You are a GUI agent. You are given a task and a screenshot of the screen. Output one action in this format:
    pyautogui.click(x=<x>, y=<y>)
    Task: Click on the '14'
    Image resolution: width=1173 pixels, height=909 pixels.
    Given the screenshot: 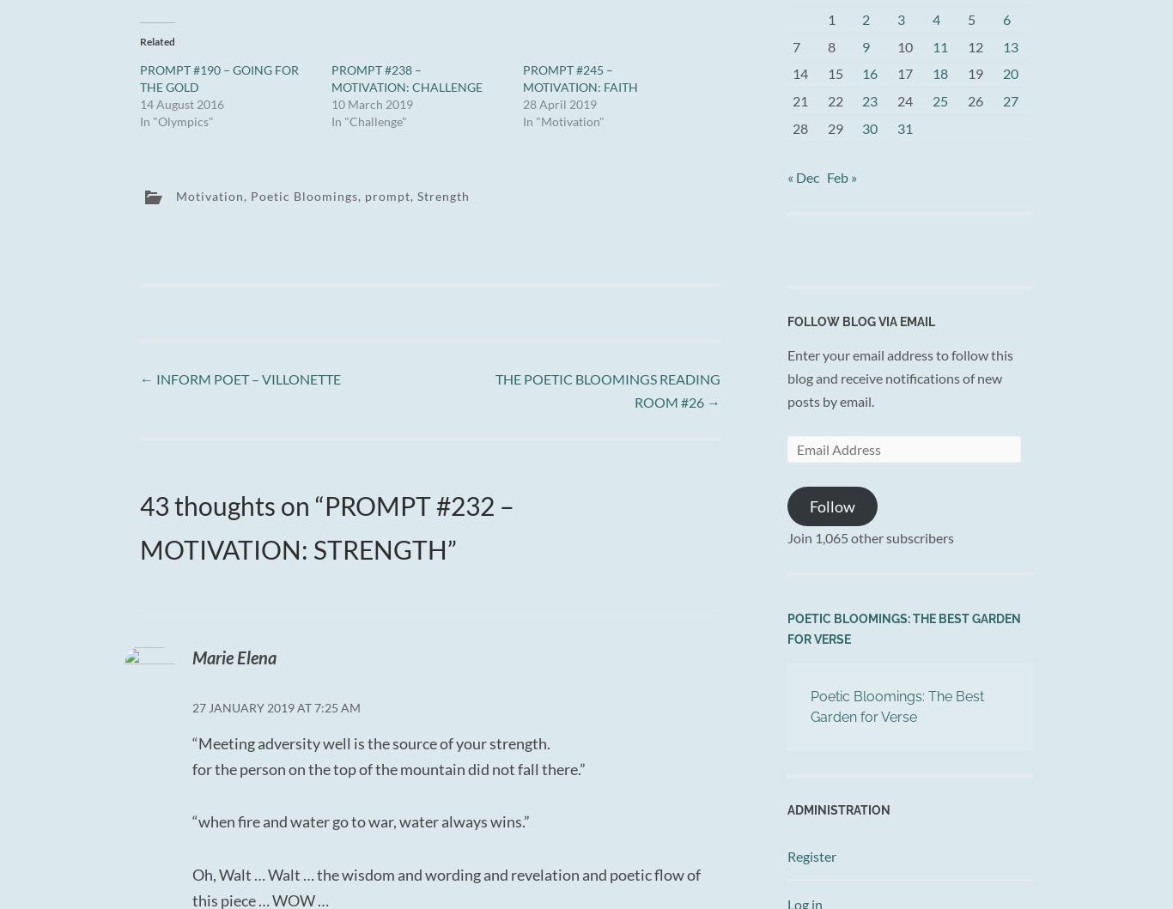 What is the action you would take?
    pyautogui.click(x=792, y=73)
    